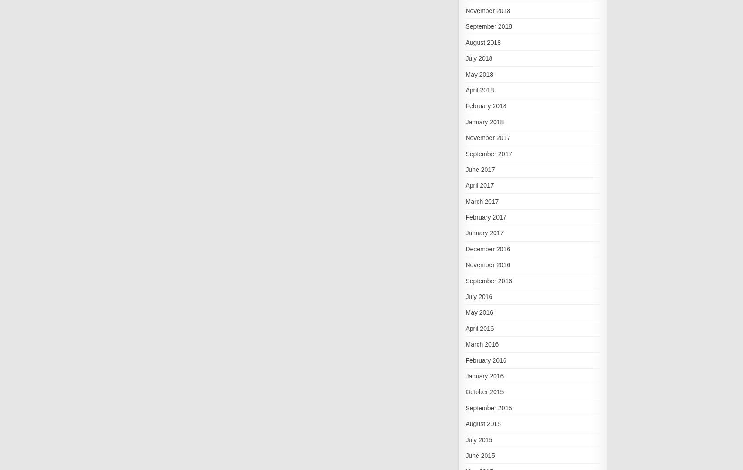 This screenshot has width=743, height=470. Describe the element at coordinates (484, 375) in the screenshot. I see `'January 2016'` at that location.